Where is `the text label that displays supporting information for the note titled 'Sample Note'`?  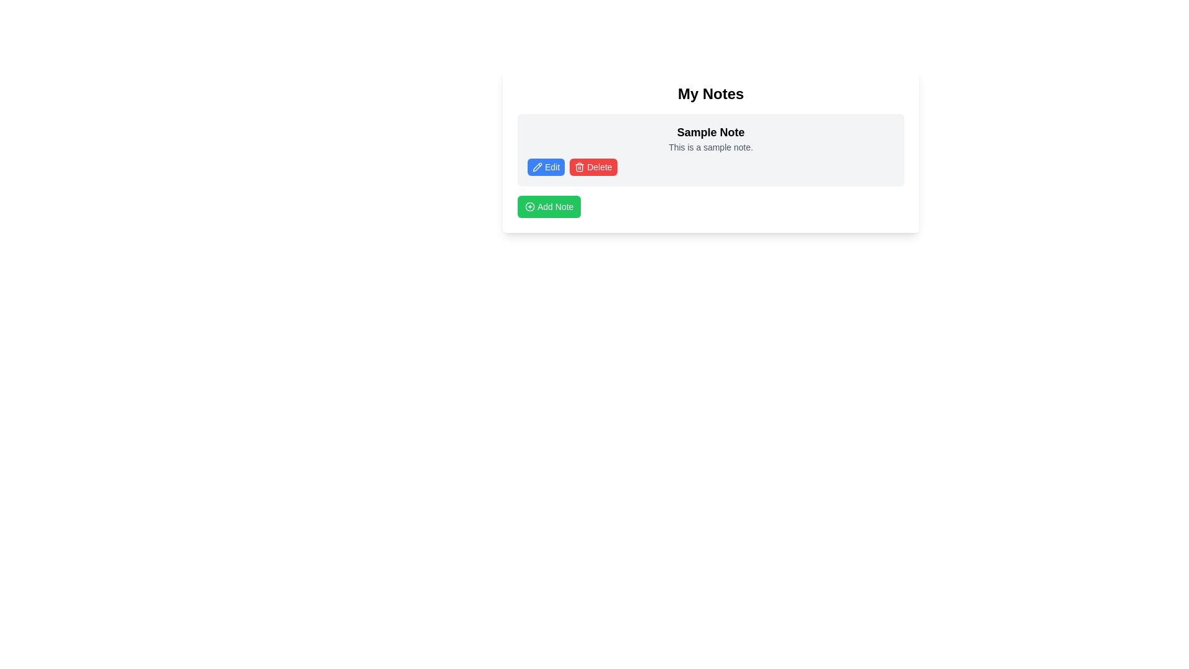 the text label that displays supporting information for the note titled 'Sample Note' is located at coordinates (710, 147).